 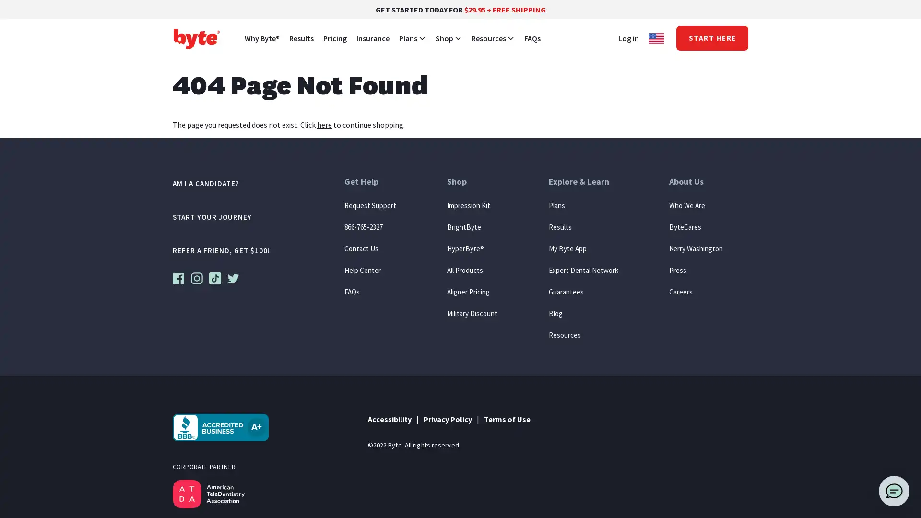 I want to click on Explore & Learn, so click(x=582, y=187).